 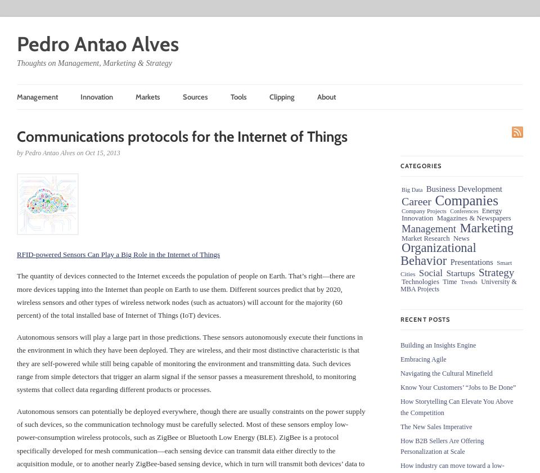 I want to click on 'University & MBA Projects', so click(x=458, y=285).